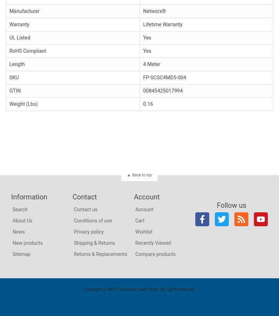 This screenshot has height=316, width=279. I want to click on 'Cart', so click(139, 220).